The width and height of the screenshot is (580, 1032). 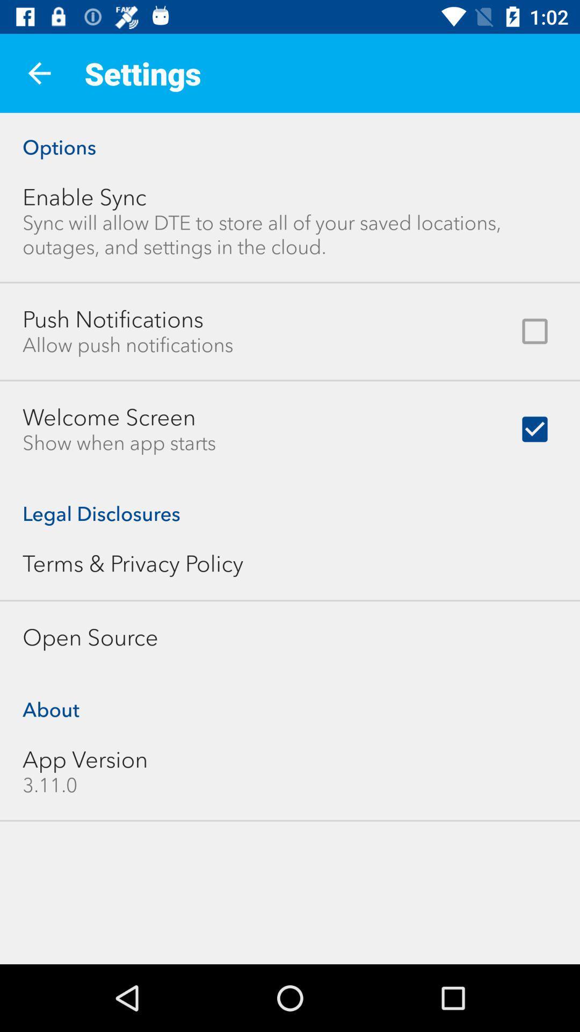 What do you see at coordinates (39, 73) in the screenshot?
I see `the app next to settings` at bounding box center [39, 73].